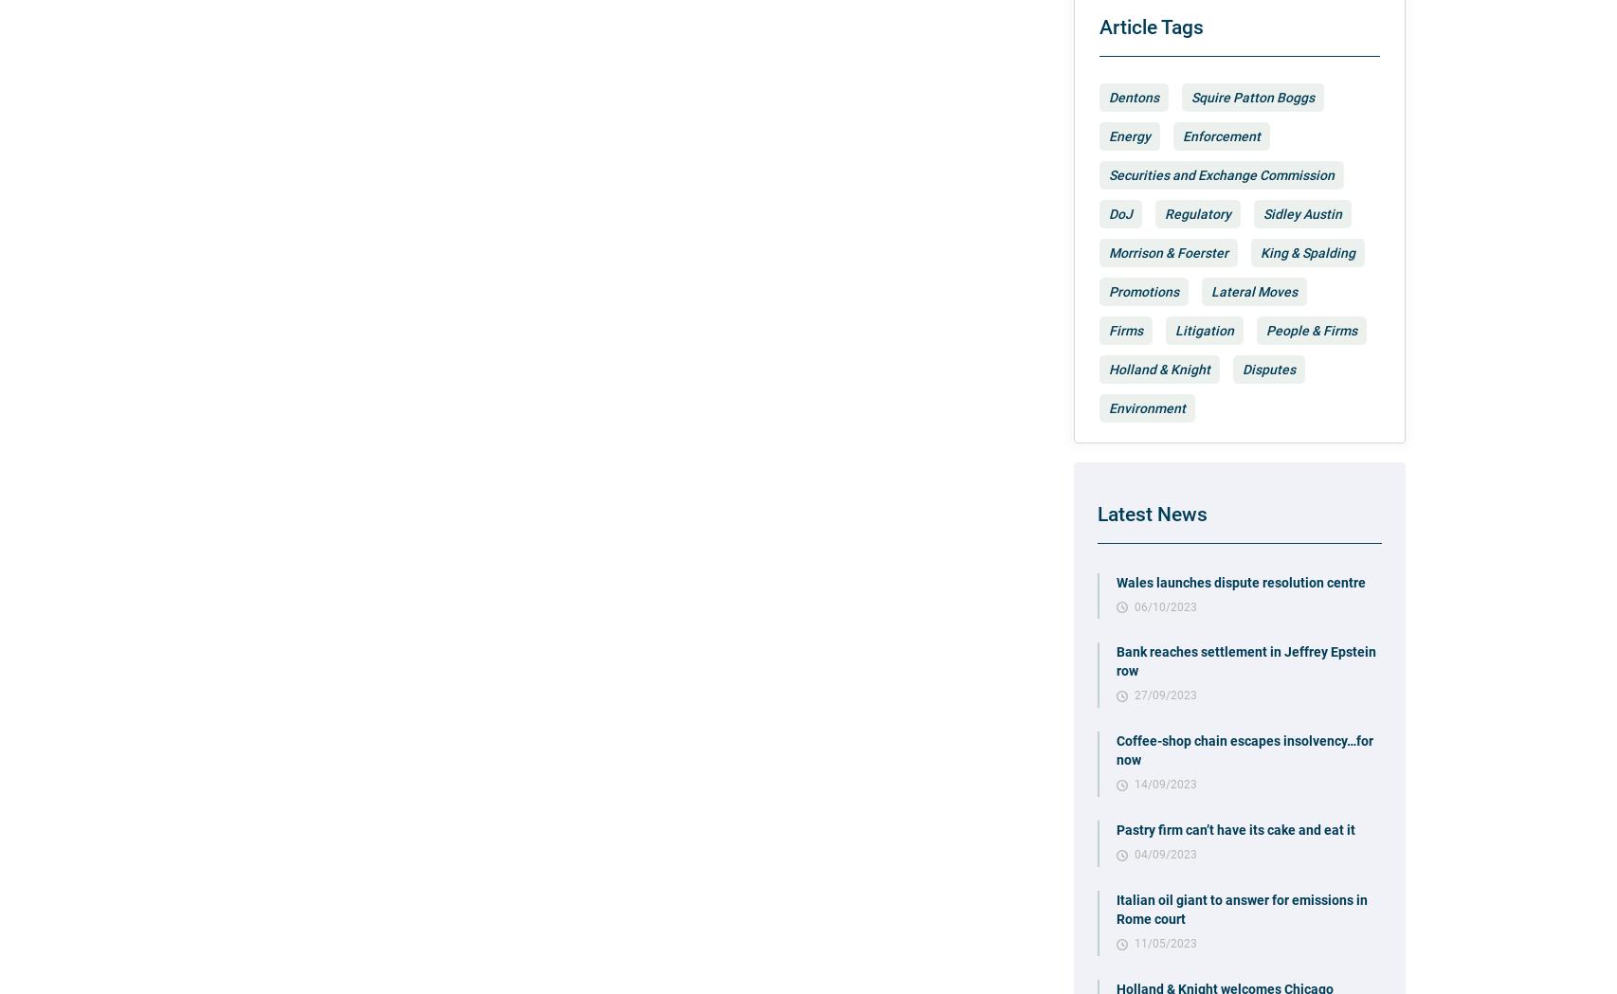 This screenshot has height=994, width=1617. What do you see at coordinates (1306, 251) in the screenshot?
I see `'King & Spalding'` at bounding box center [1306, 251].